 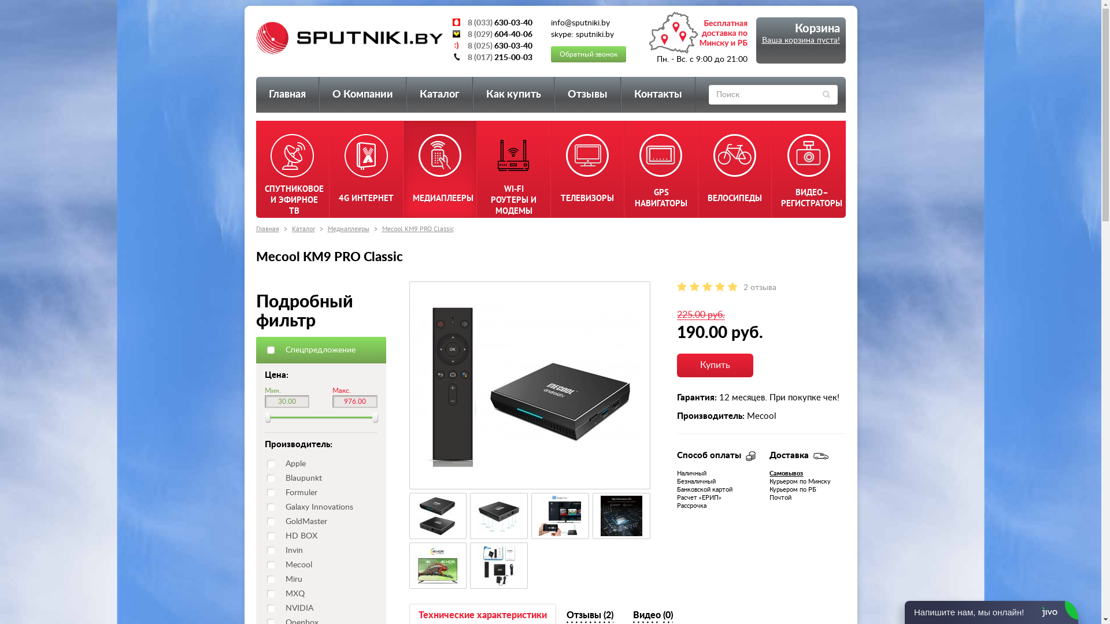 What do you see at coordinates (621, 515) in the screenshot?
I see `'Mecool KM9 PRO Classic'` at bounding box center [621, 515].